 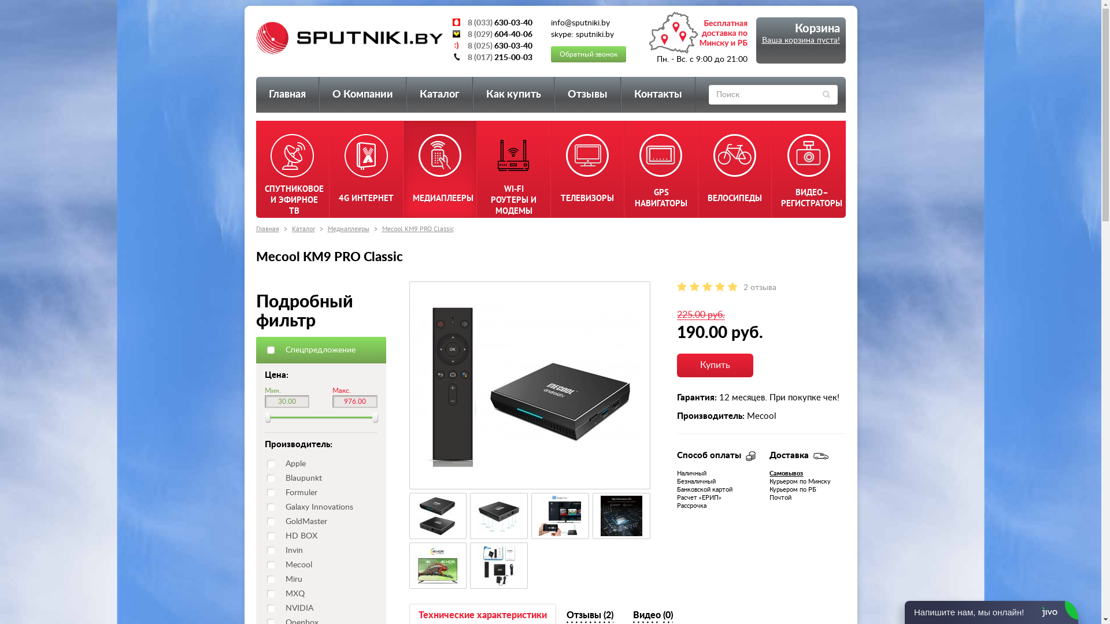 What do you see at coordinates (621, 515) in the screenshot?
I see `'Mecool KM9 PRO Classic'` at bounding box center [621, 515].